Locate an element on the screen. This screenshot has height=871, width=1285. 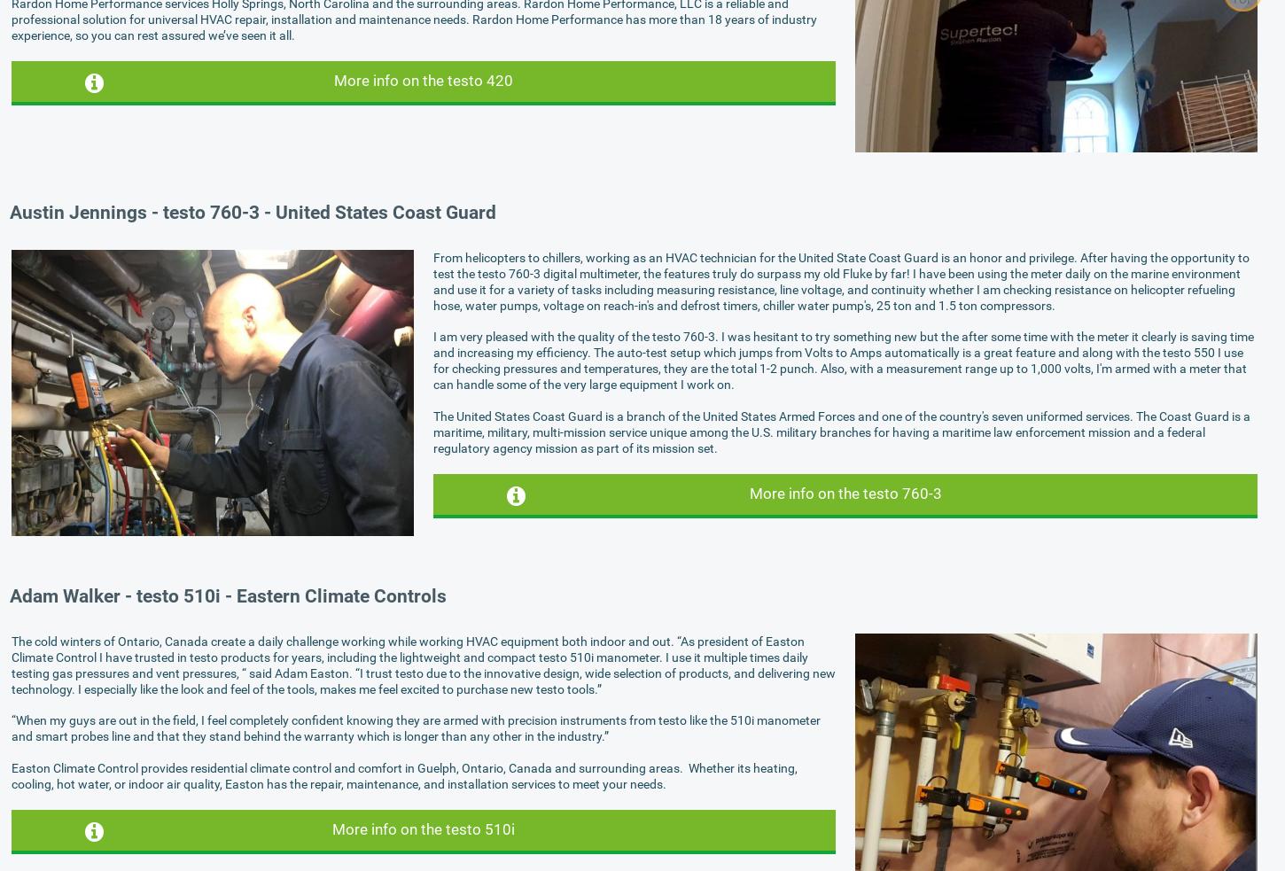
'From helicopters to chillers, working as an HVAC technician for the United State Coast Guard is an honor and privilege. After having the opportunity to test the testo 760-3 digital multimeter, the features truly do surpass my old Fluke by far! I have been using the meter daily on the marine environment and use it for a variety of tasks including measuring resistance, line voltage, and continuity whether I am checking resistance on helicopter refueling hose, water pumps, voltage on reach-in's and defrost timers, chiller water pump's, 25 ton and 1.5 ton compressors.' is located at coordinates (432, 281).